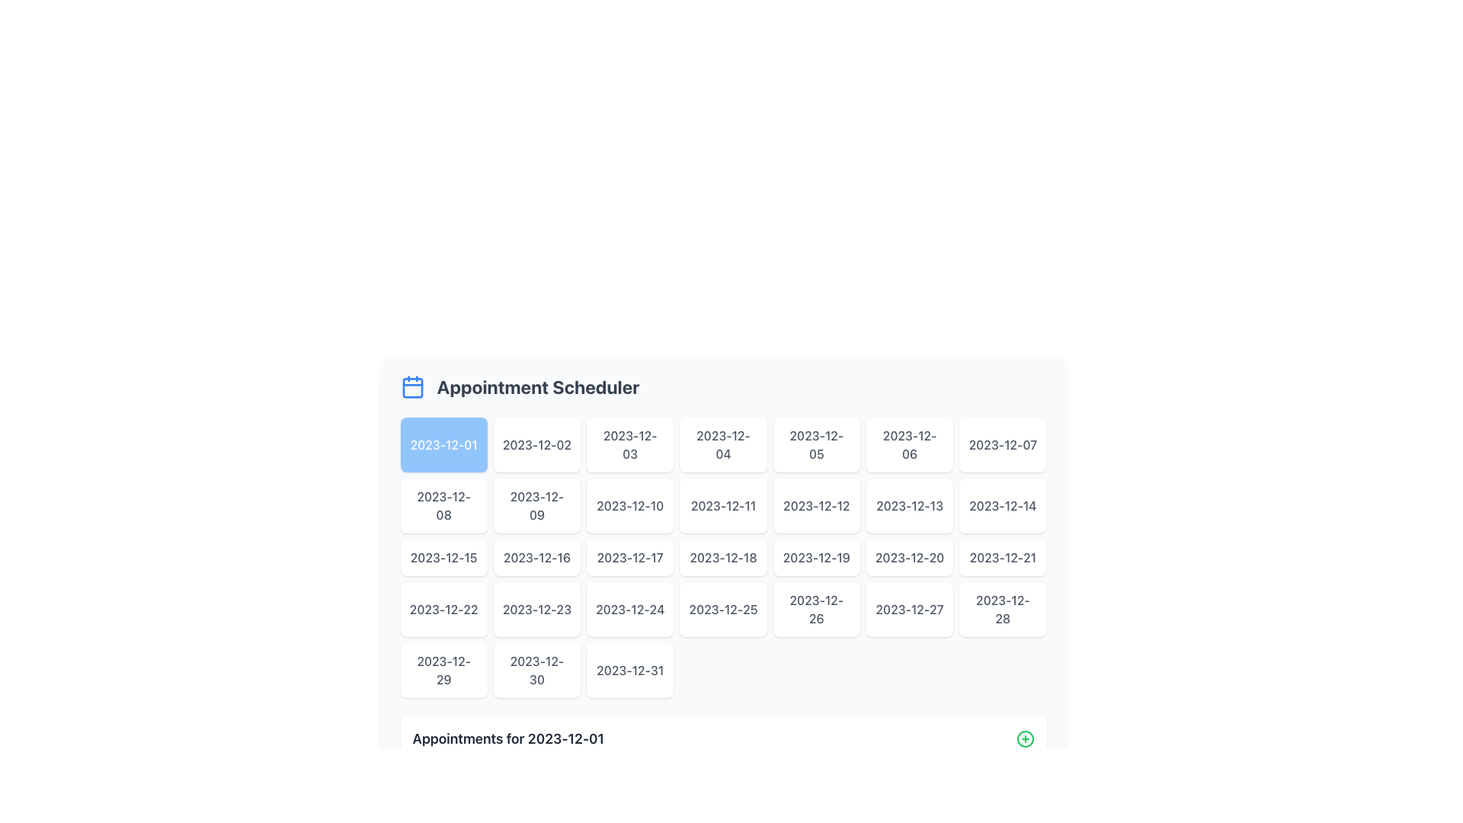  I want to click on the button in the calendar layout for selecting the date '2023-12-12', so click(815, 505).